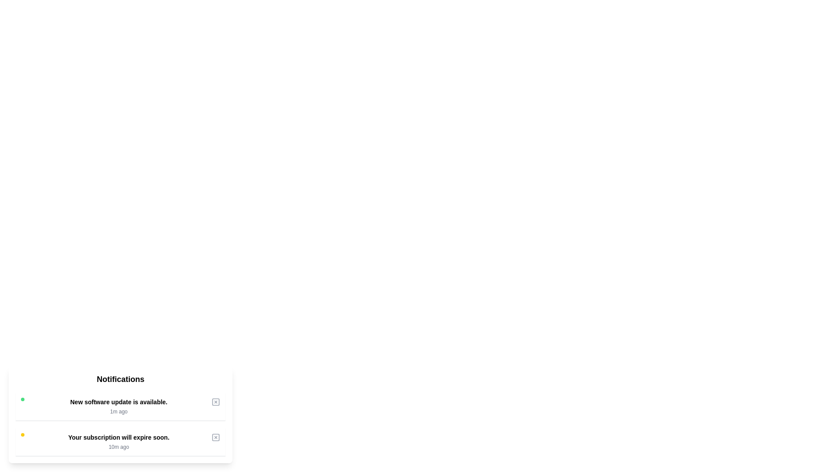  Describe the element at coordinates (118, 441) in the screenshot. I see `notification text block displaying 'Your subscription will expire soon.' with a timestamp '10m ago' located in the lower notification section` at that location.